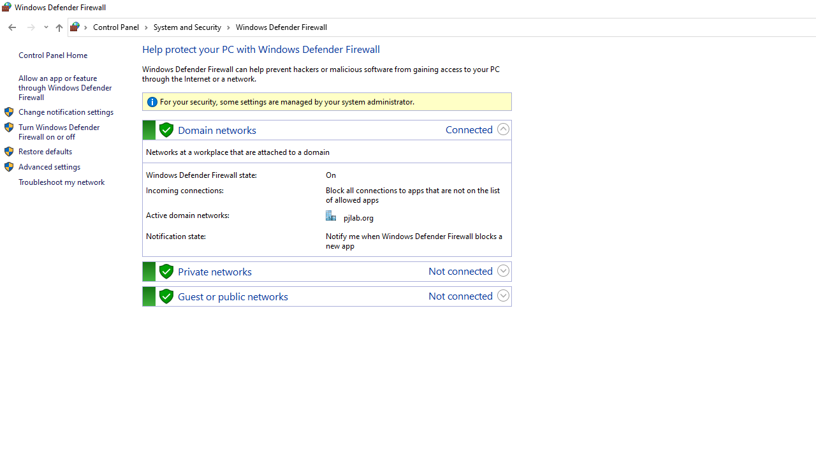  What do you see at coordinates (52, 54) in the screenshot?
I see `'Control Panel Home'` at bounding box center [52, 54].